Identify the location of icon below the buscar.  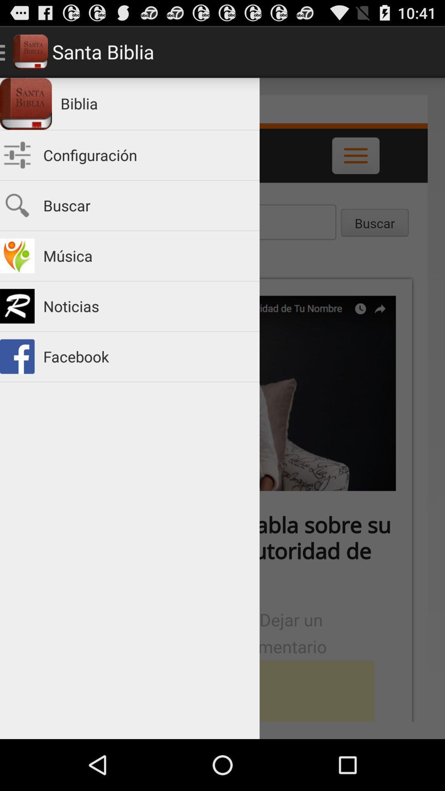
(147, 255).